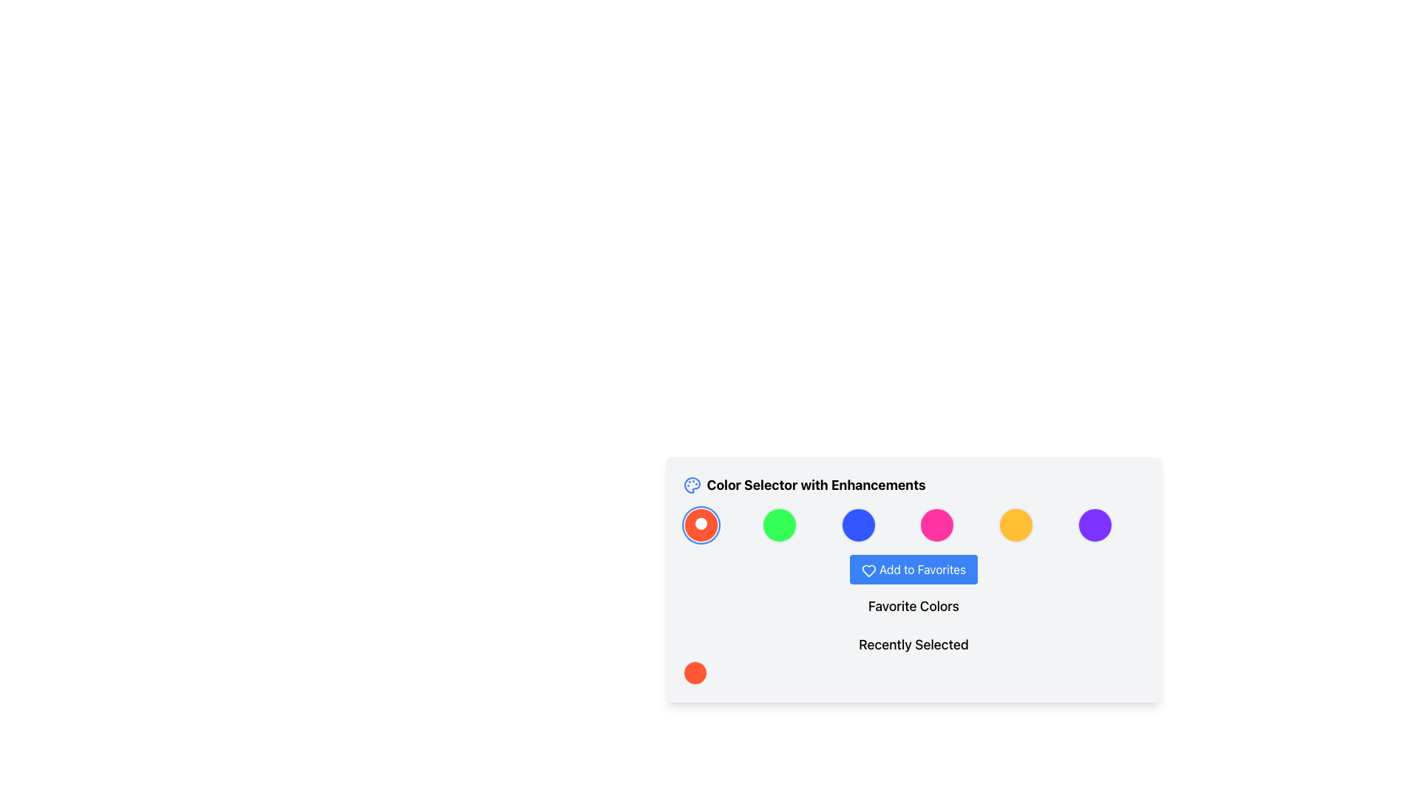  What do you see at coordinates (1015, 524) in the screenshot?
I see `the circular yellow button in the 'Color Selector with Enhancements' section` at bounding box center [1015, 524].